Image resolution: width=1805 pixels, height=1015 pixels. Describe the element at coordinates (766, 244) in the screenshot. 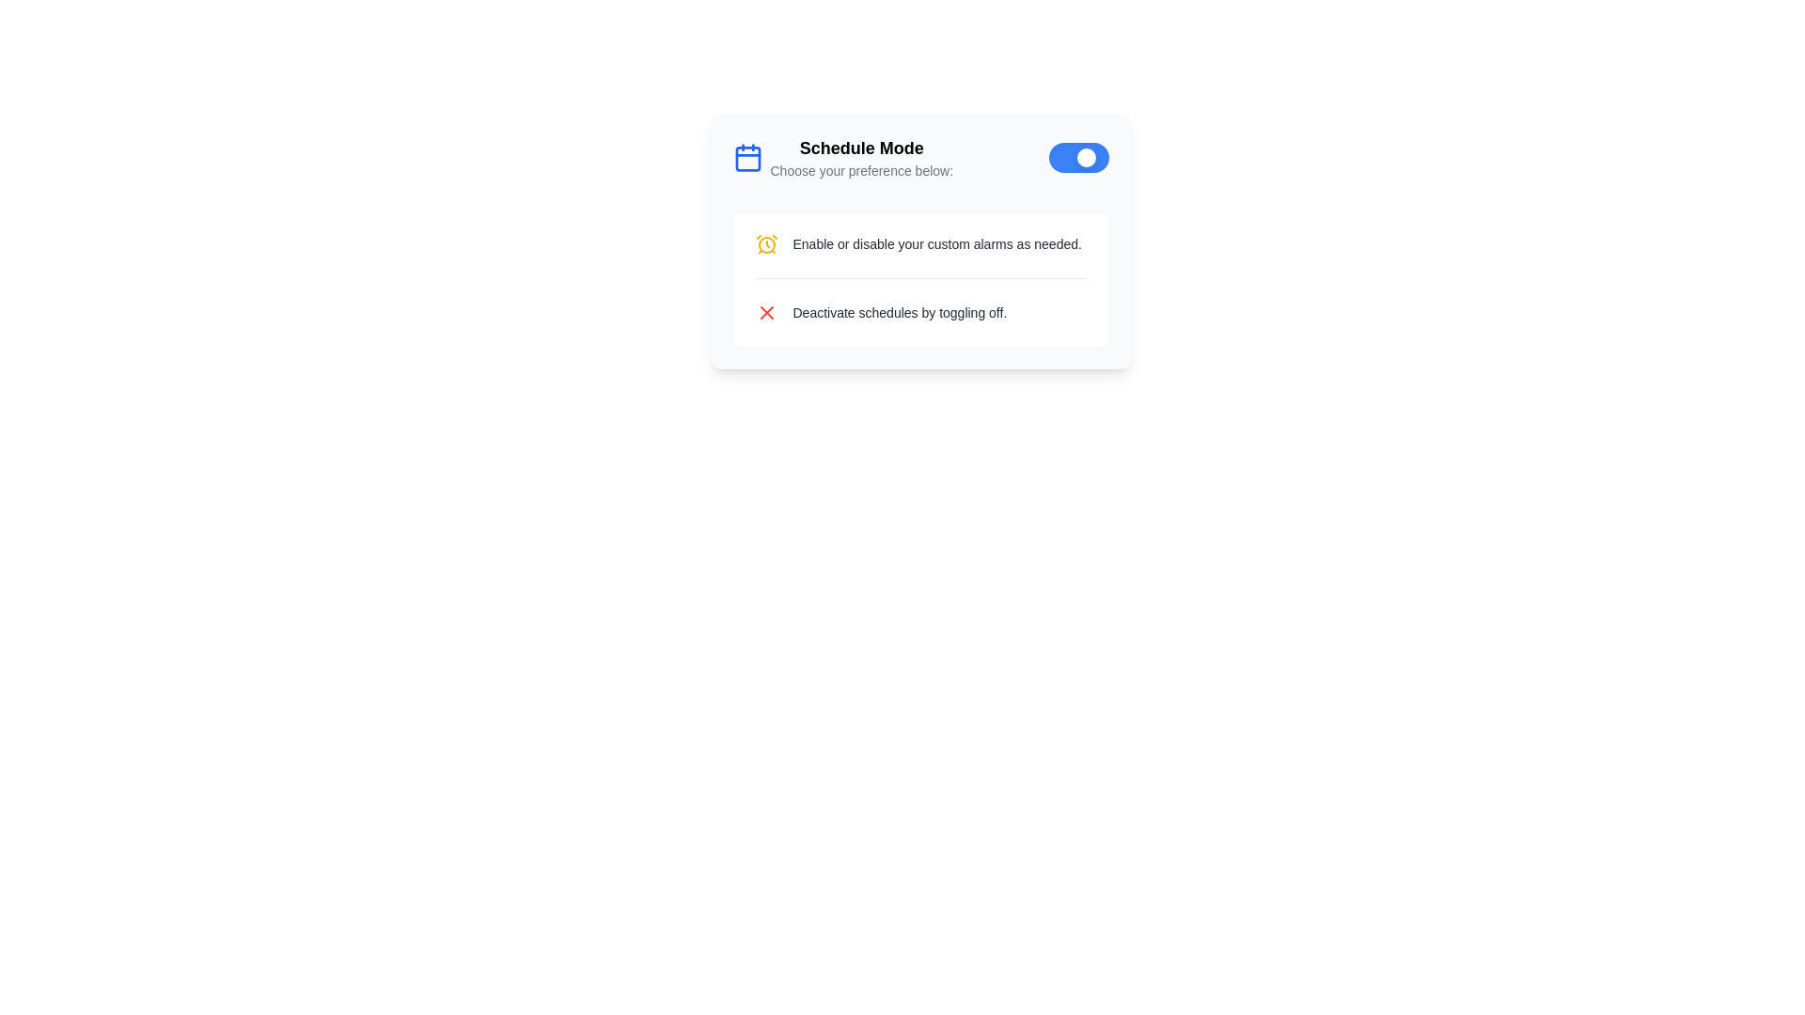

I see `the central iconic circle of the alarm clock icon if it is interactive` at that location.